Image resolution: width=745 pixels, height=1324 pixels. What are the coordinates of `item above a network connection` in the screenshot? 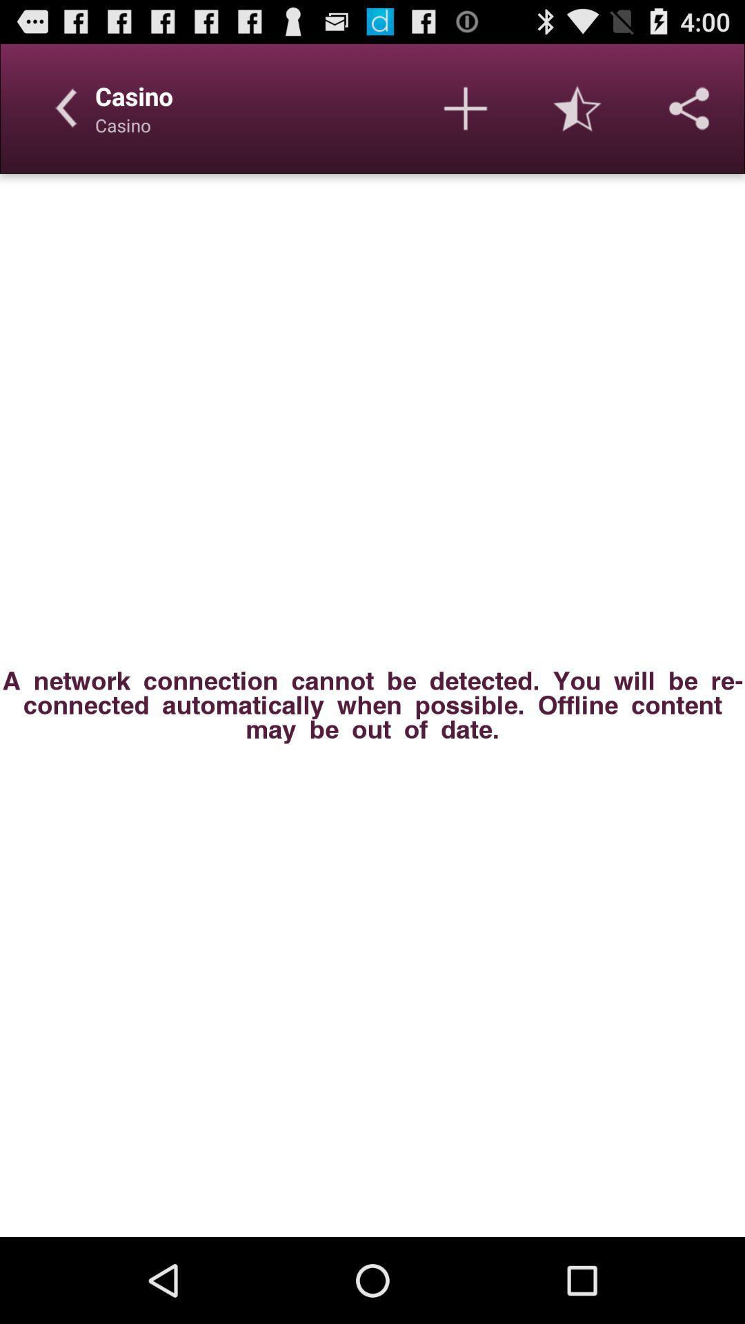 It's located at (577, 108).